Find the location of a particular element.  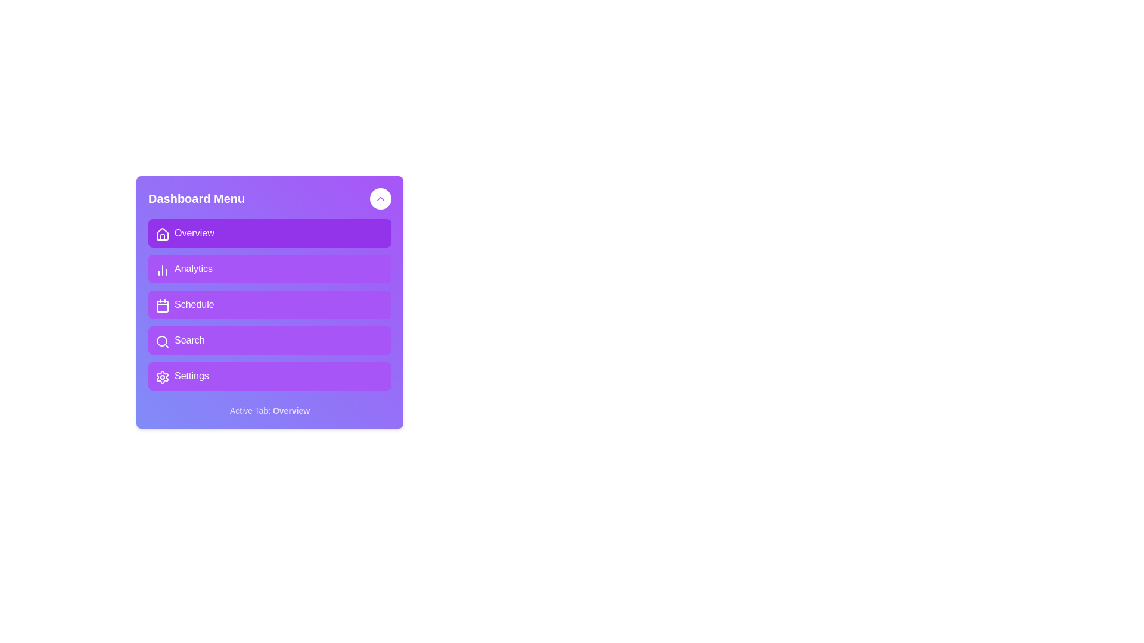

the 'Schedule' button in the sidebar menu is located at coordinates (269, 304).